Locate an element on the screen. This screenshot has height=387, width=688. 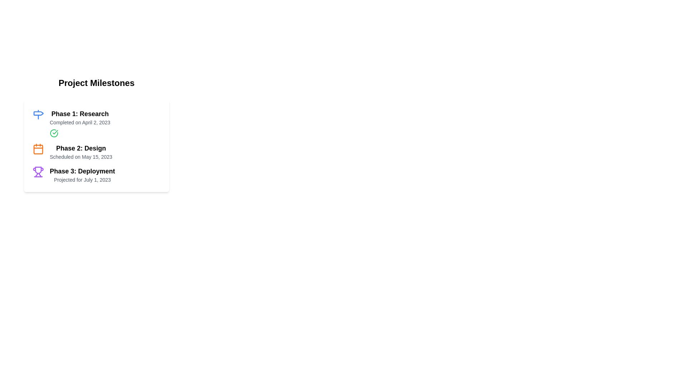
text content of the Text Label displaying 'Phase 3: Deployment' and 'Projected for July 1, 2023', which is the third item in a vertical list of milestones adjacent to a purple trophy icon is located at coordinates (82, 175).